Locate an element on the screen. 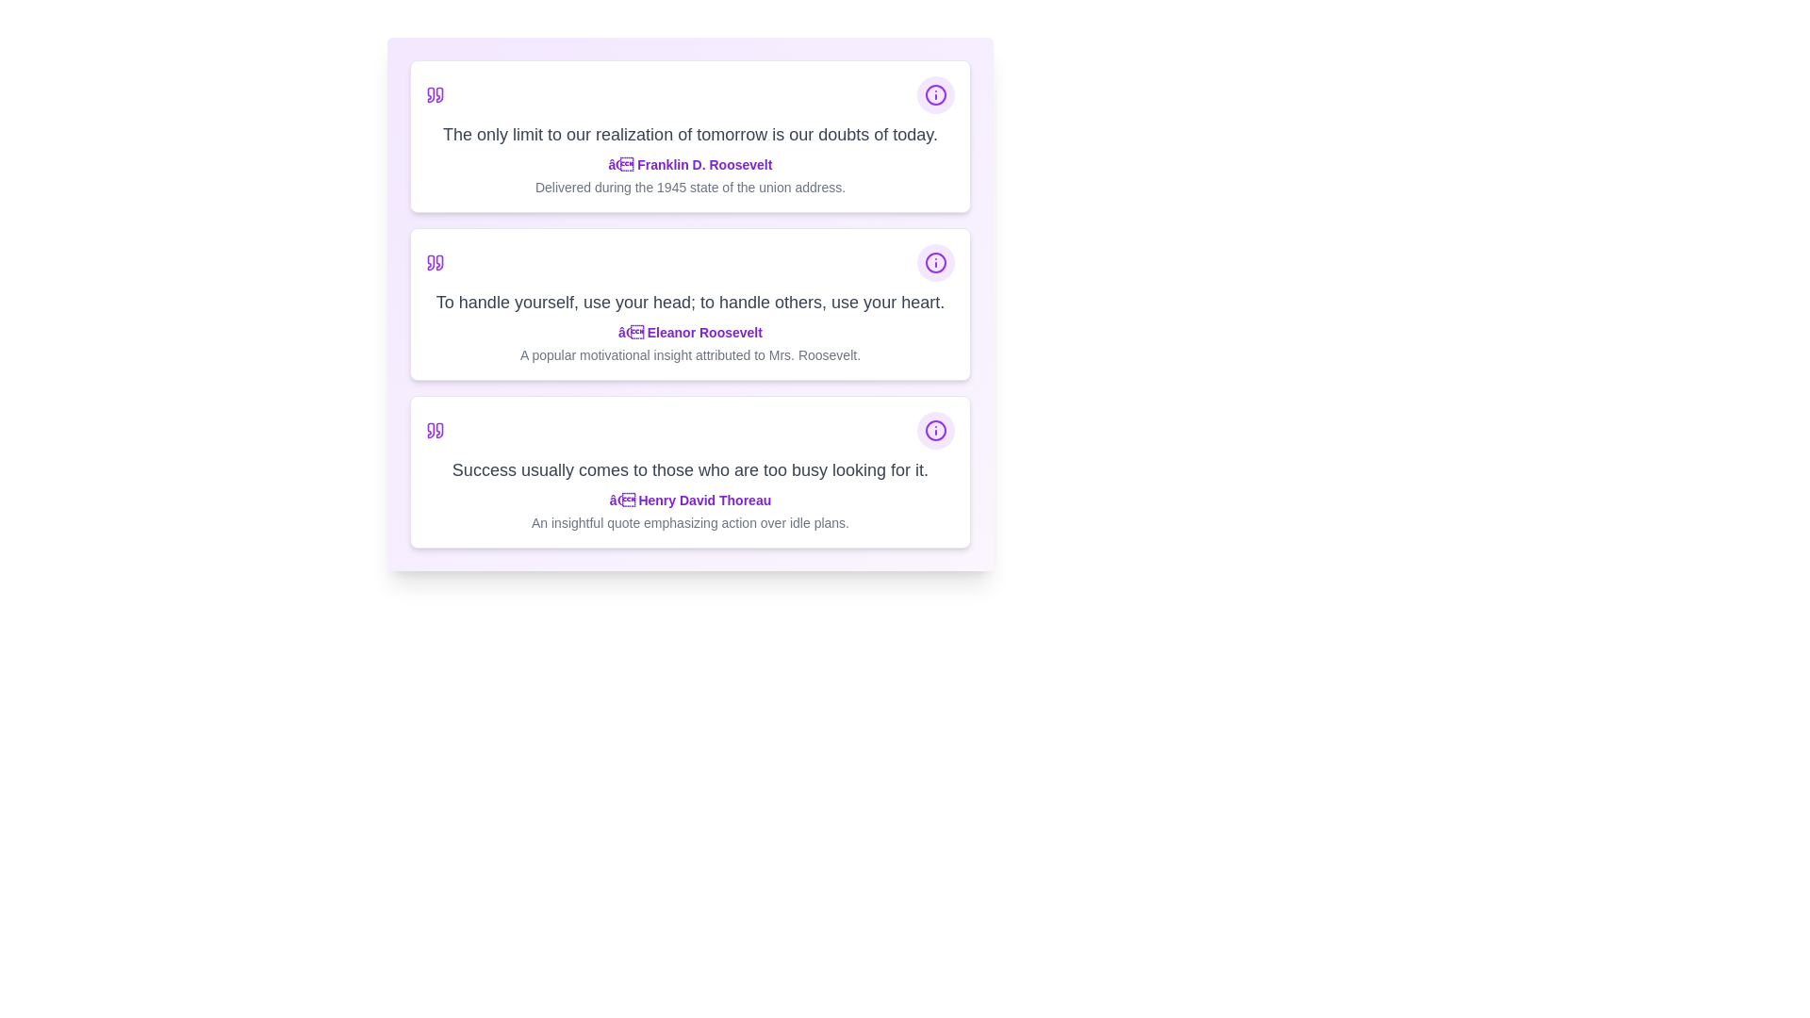 The height and width of the screenshot is (1018, 1810). the styled text label reading 'â€” Franklin D. Roosevelt', which is a purple, bold attribution text positioned beneath a quote in the top card of three vertical quote cards is located at coordinates (689, 163).